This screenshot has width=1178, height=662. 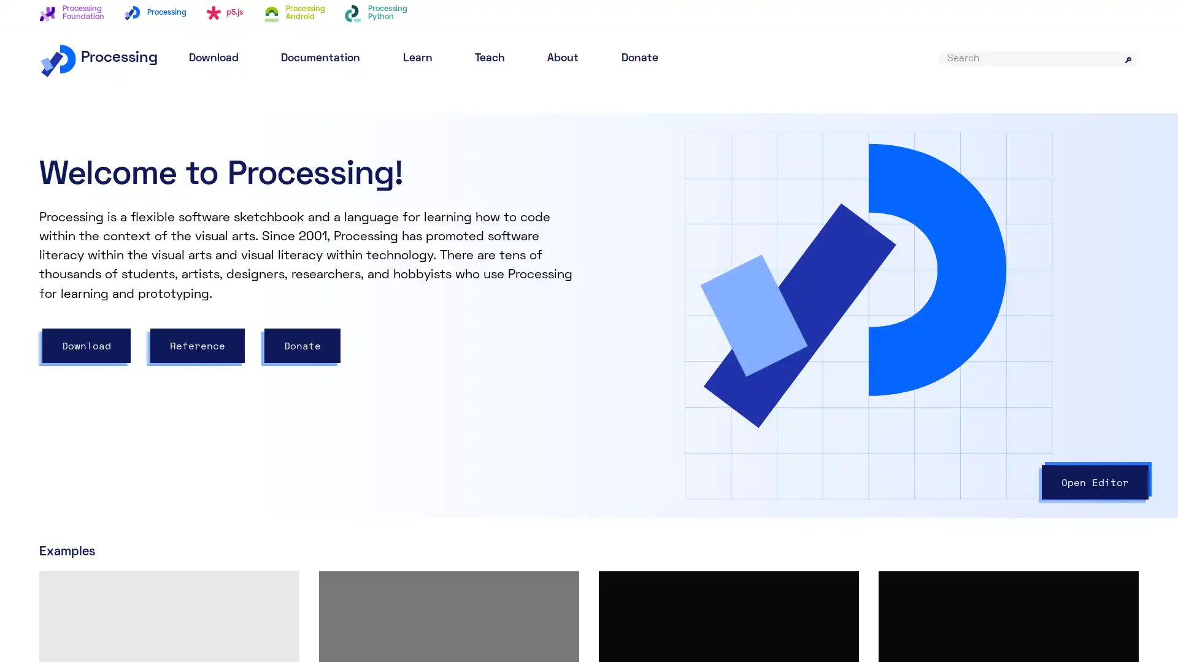 What do you see at coordinates (636, 420) in the screenshot?
I see `line` at bounding box center [636, 420].